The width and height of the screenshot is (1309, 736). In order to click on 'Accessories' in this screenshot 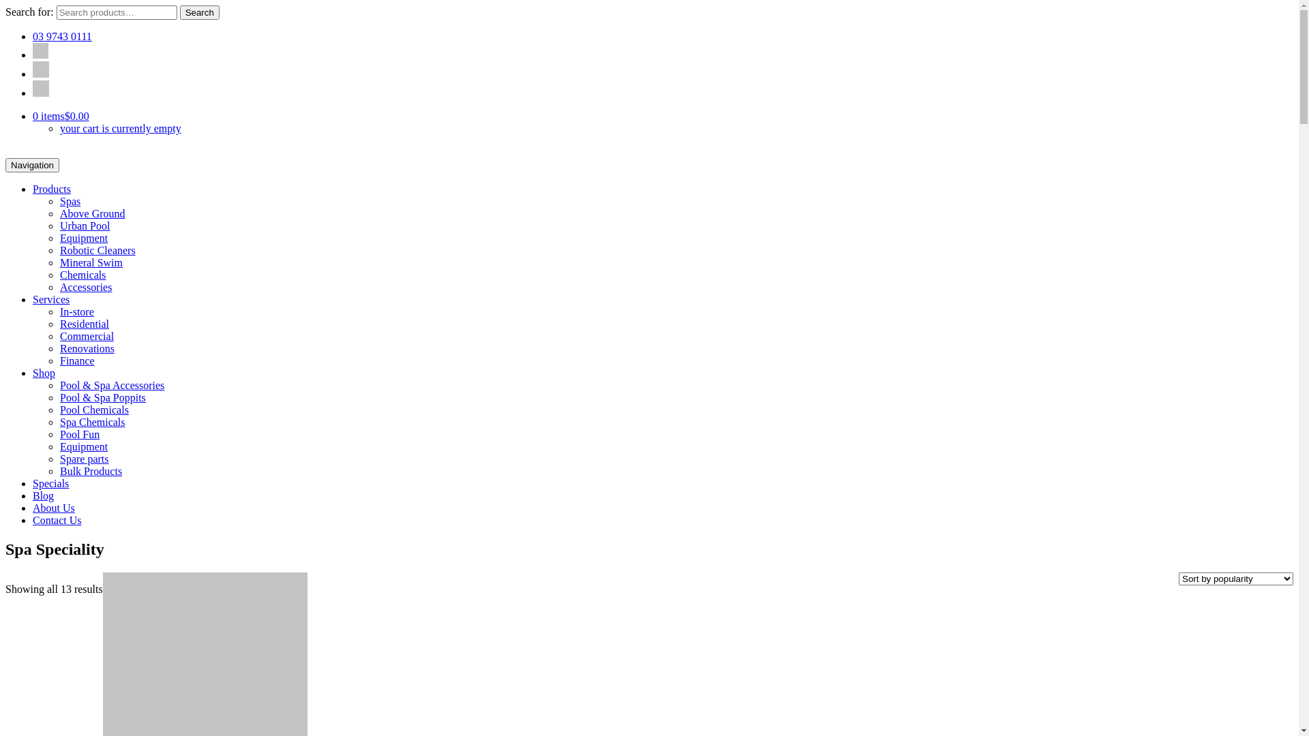, I will do `click(85, 286)`.